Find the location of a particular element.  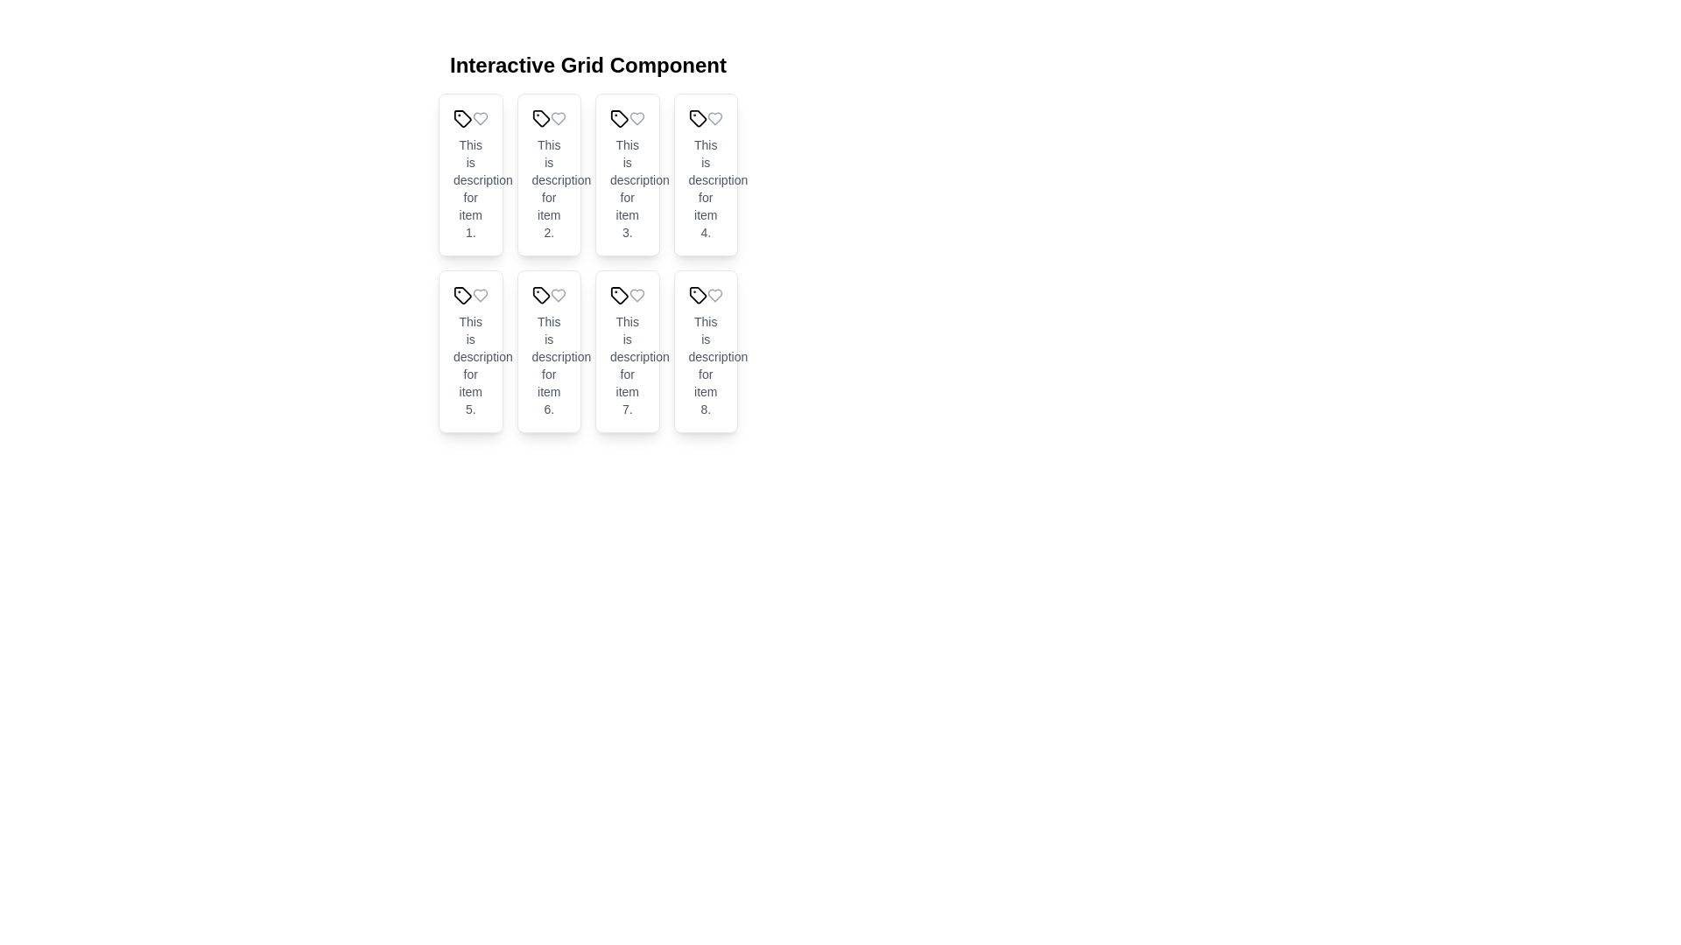

the tagging icon associated with 'Tile 5', which is positioned to the left of the heart icon and above the description text is located at coordinates (462, 295).